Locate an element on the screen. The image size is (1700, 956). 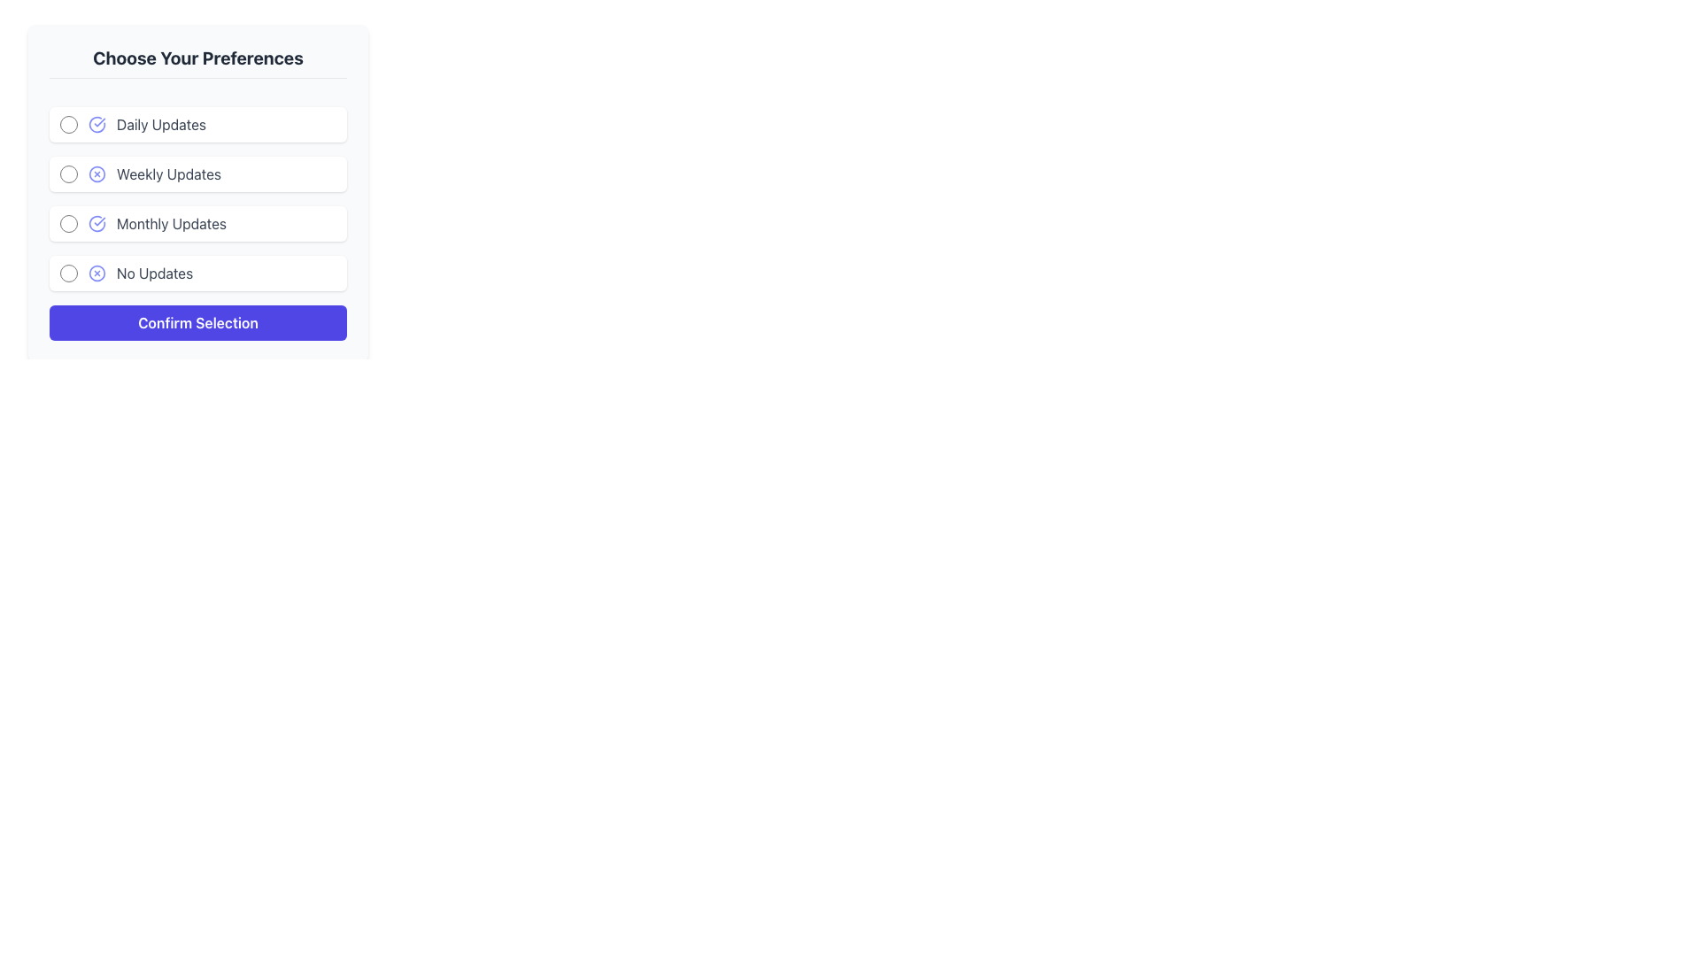
the 'Monthly Updates' radio button option in the preference selection form is located at coordinates (198, 223).